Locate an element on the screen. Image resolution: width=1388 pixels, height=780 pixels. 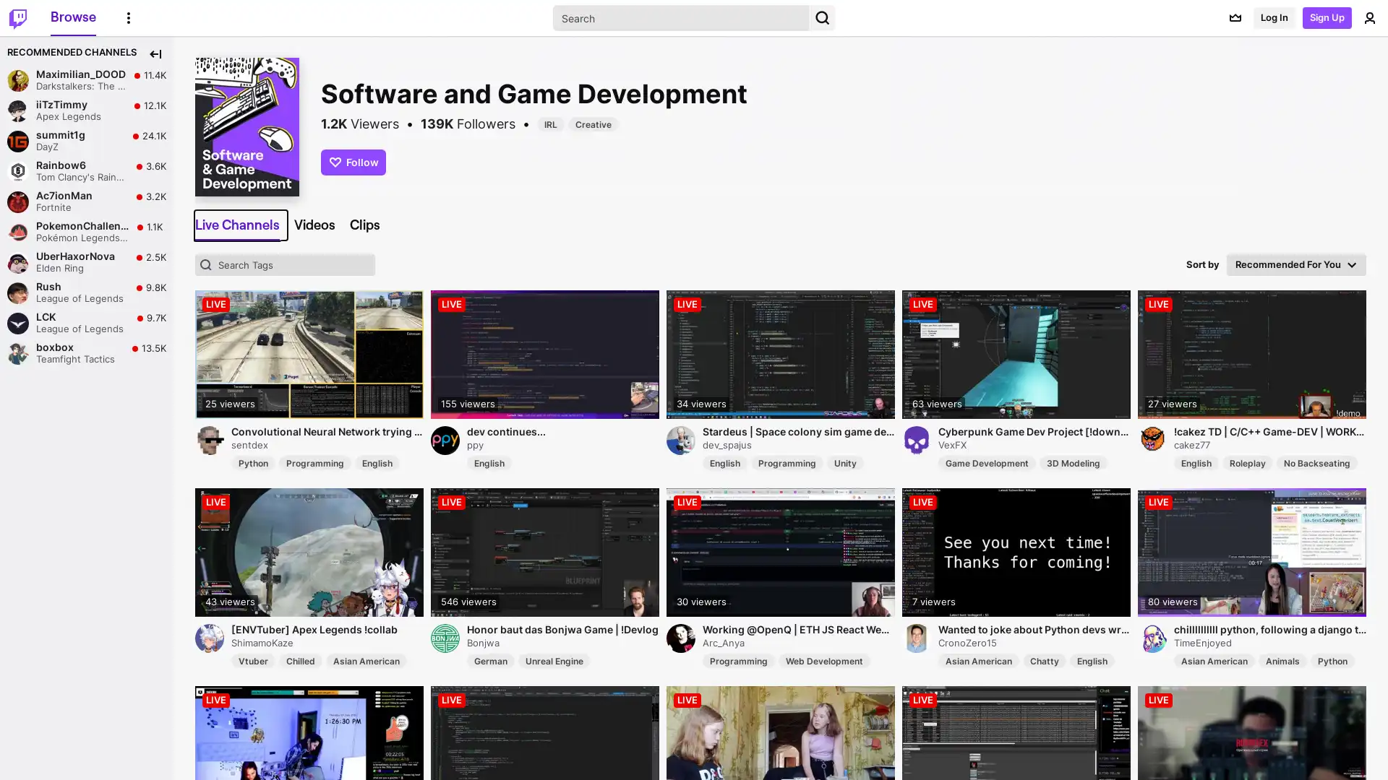
Asian American is located at coordinates (1214, 660).